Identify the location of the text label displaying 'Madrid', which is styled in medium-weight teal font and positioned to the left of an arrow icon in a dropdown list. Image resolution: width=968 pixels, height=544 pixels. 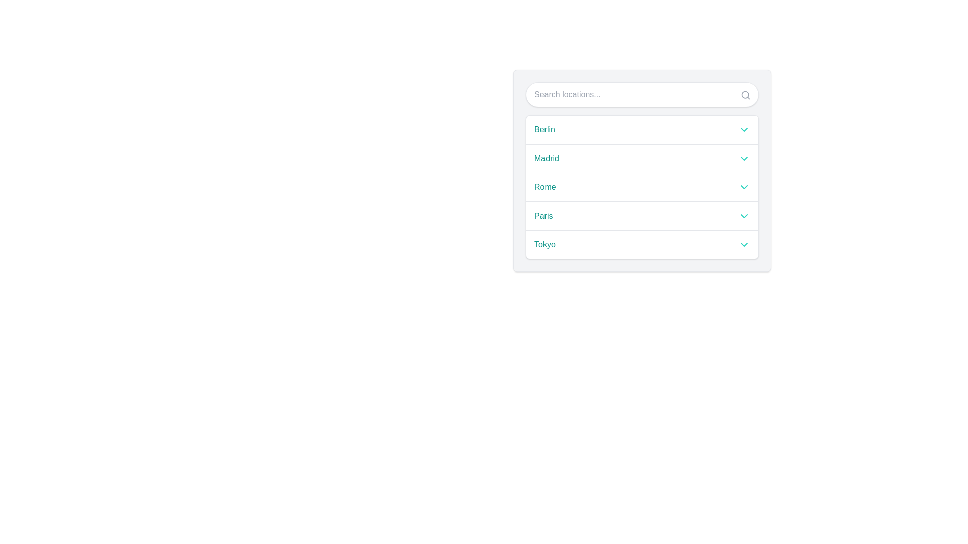
(546, 159).